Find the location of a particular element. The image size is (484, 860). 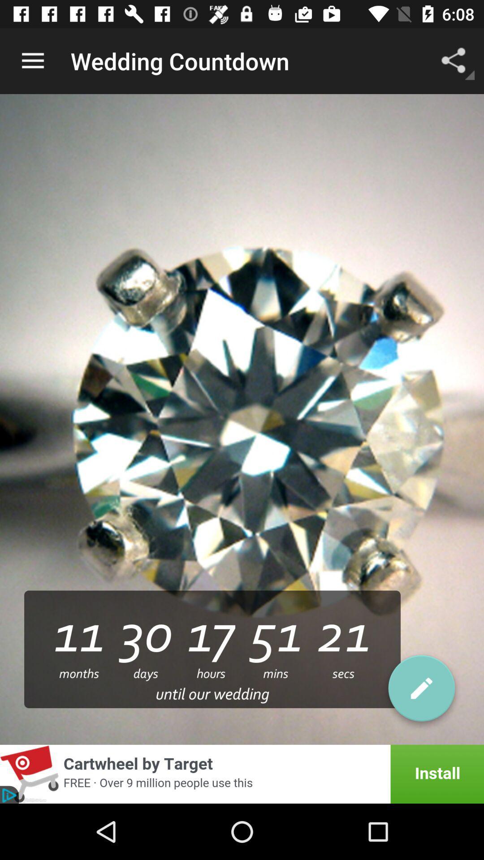

share icon is located at coordinates (456, 46).